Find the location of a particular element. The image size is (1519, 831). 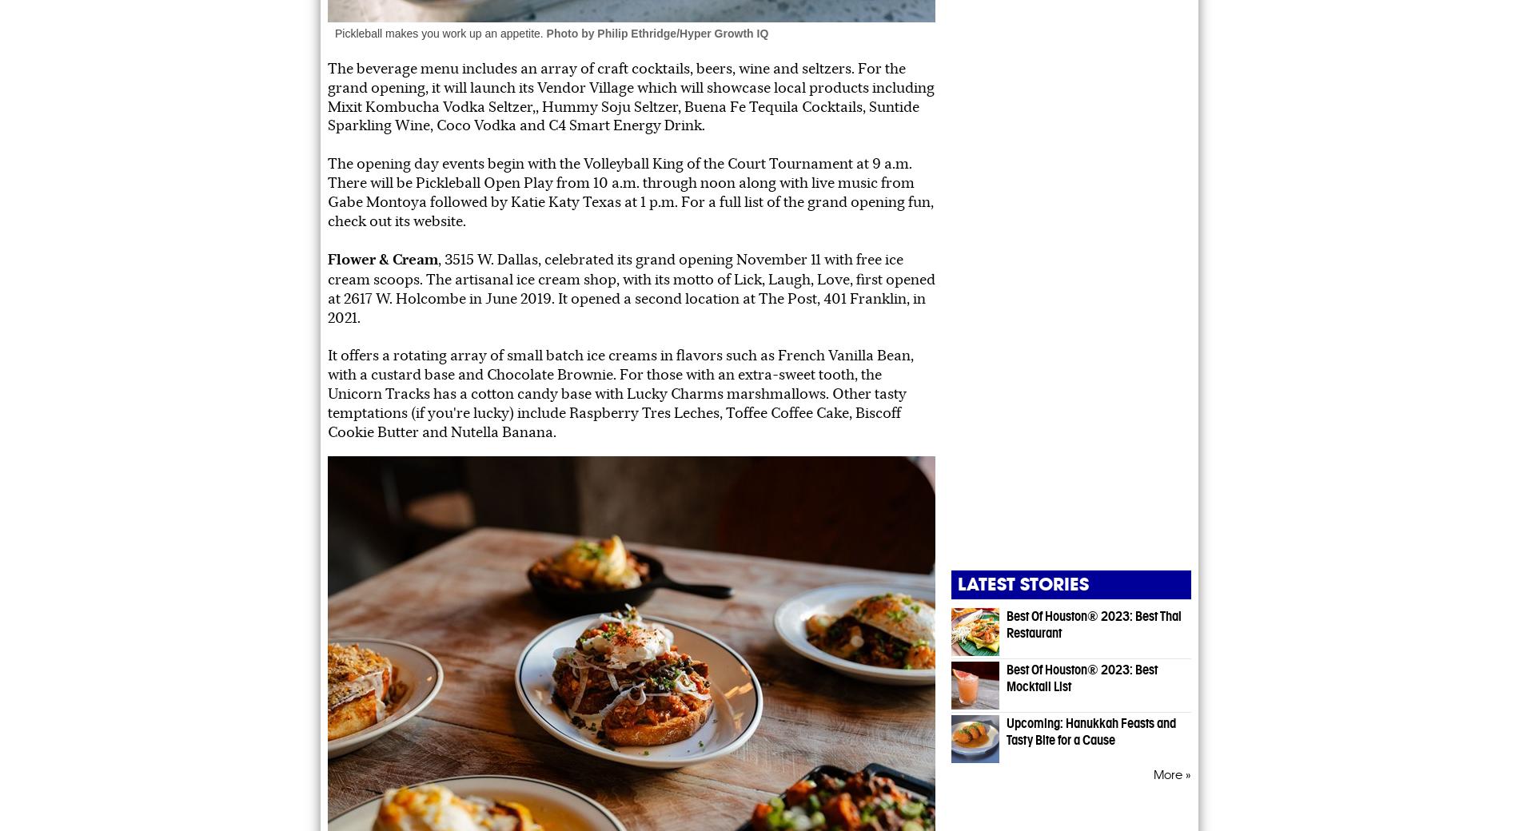

'More »' is located at coordinates (1172, 773).